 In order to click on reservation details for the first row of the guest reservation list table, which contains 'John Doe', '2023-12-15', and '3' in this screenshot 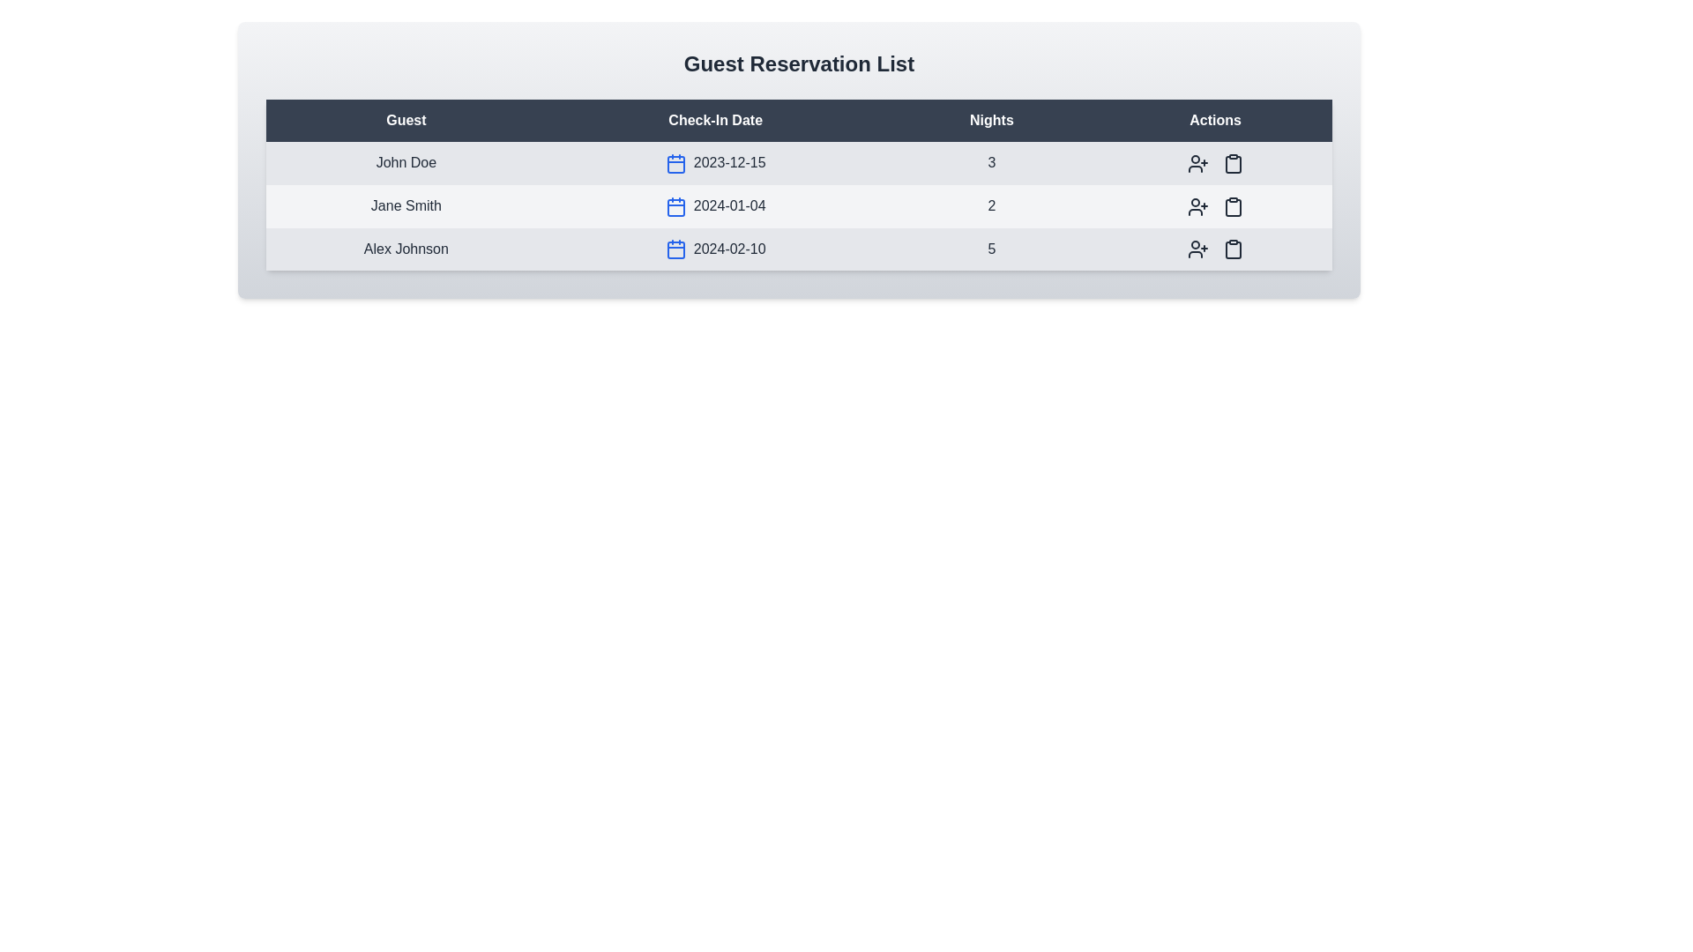, I will do `click(798, 163)`.